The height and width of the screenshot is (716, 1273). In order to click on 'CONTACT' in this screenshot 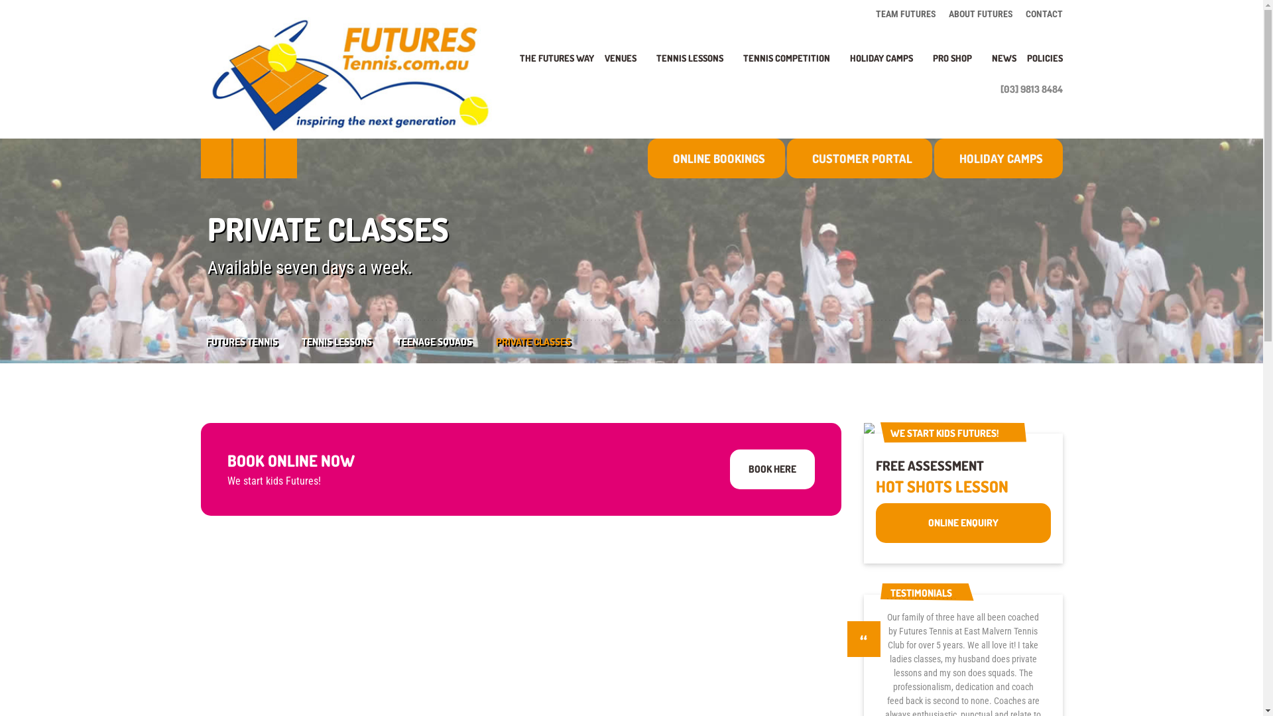, I will do `click(1040, 13)`.